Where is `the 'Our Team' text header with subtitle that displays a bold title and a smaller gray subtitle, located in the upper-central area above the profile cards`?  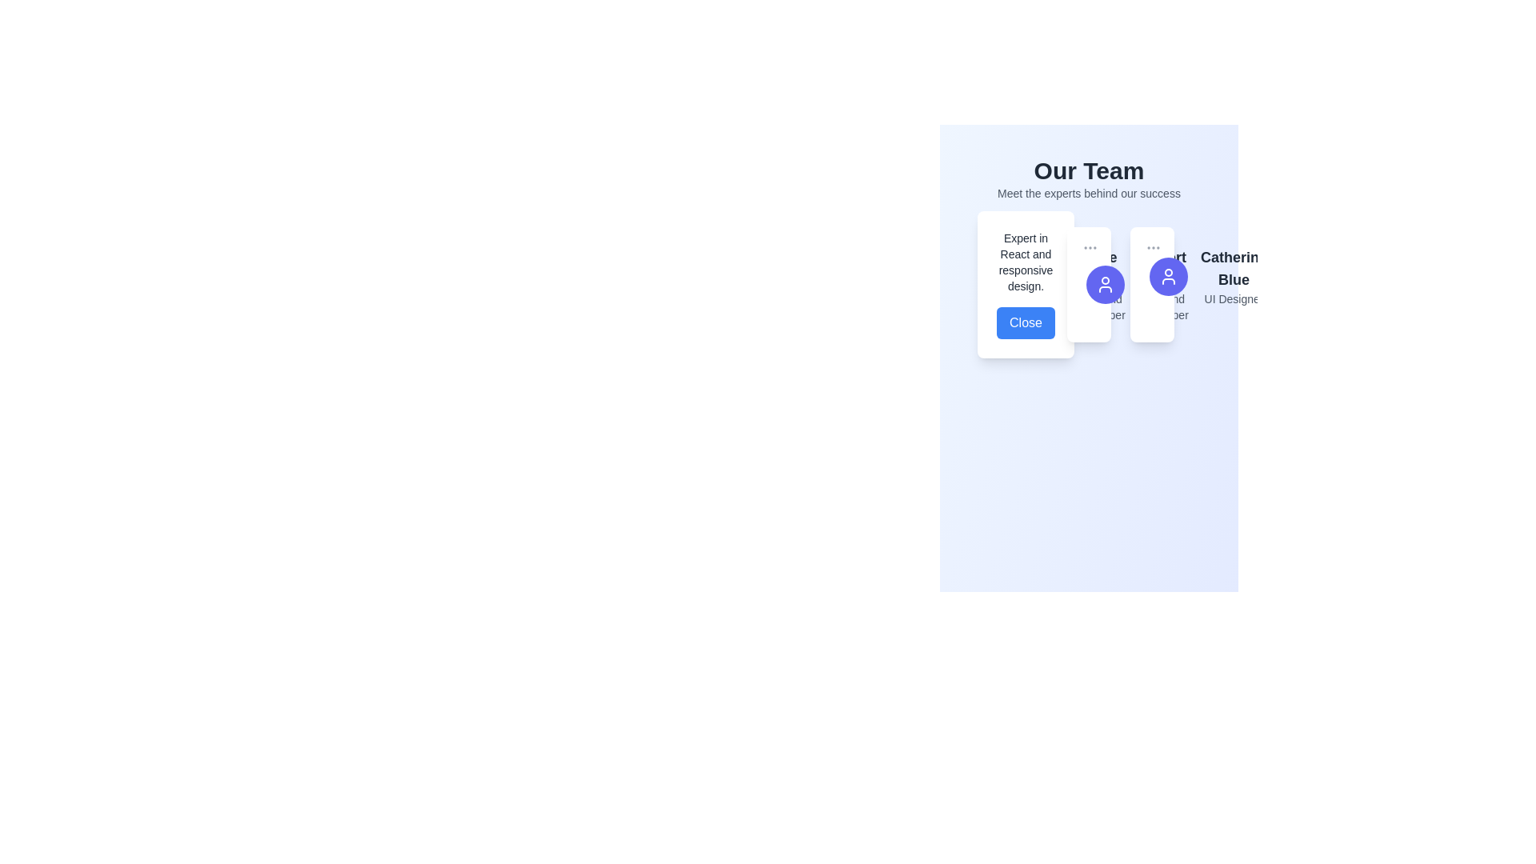 the 'Our Team' text header with subtitle that displays a bold title and a smaller gray subtitle, located in the upper-central area above the profile cards is located at coordinates (1088, 178).